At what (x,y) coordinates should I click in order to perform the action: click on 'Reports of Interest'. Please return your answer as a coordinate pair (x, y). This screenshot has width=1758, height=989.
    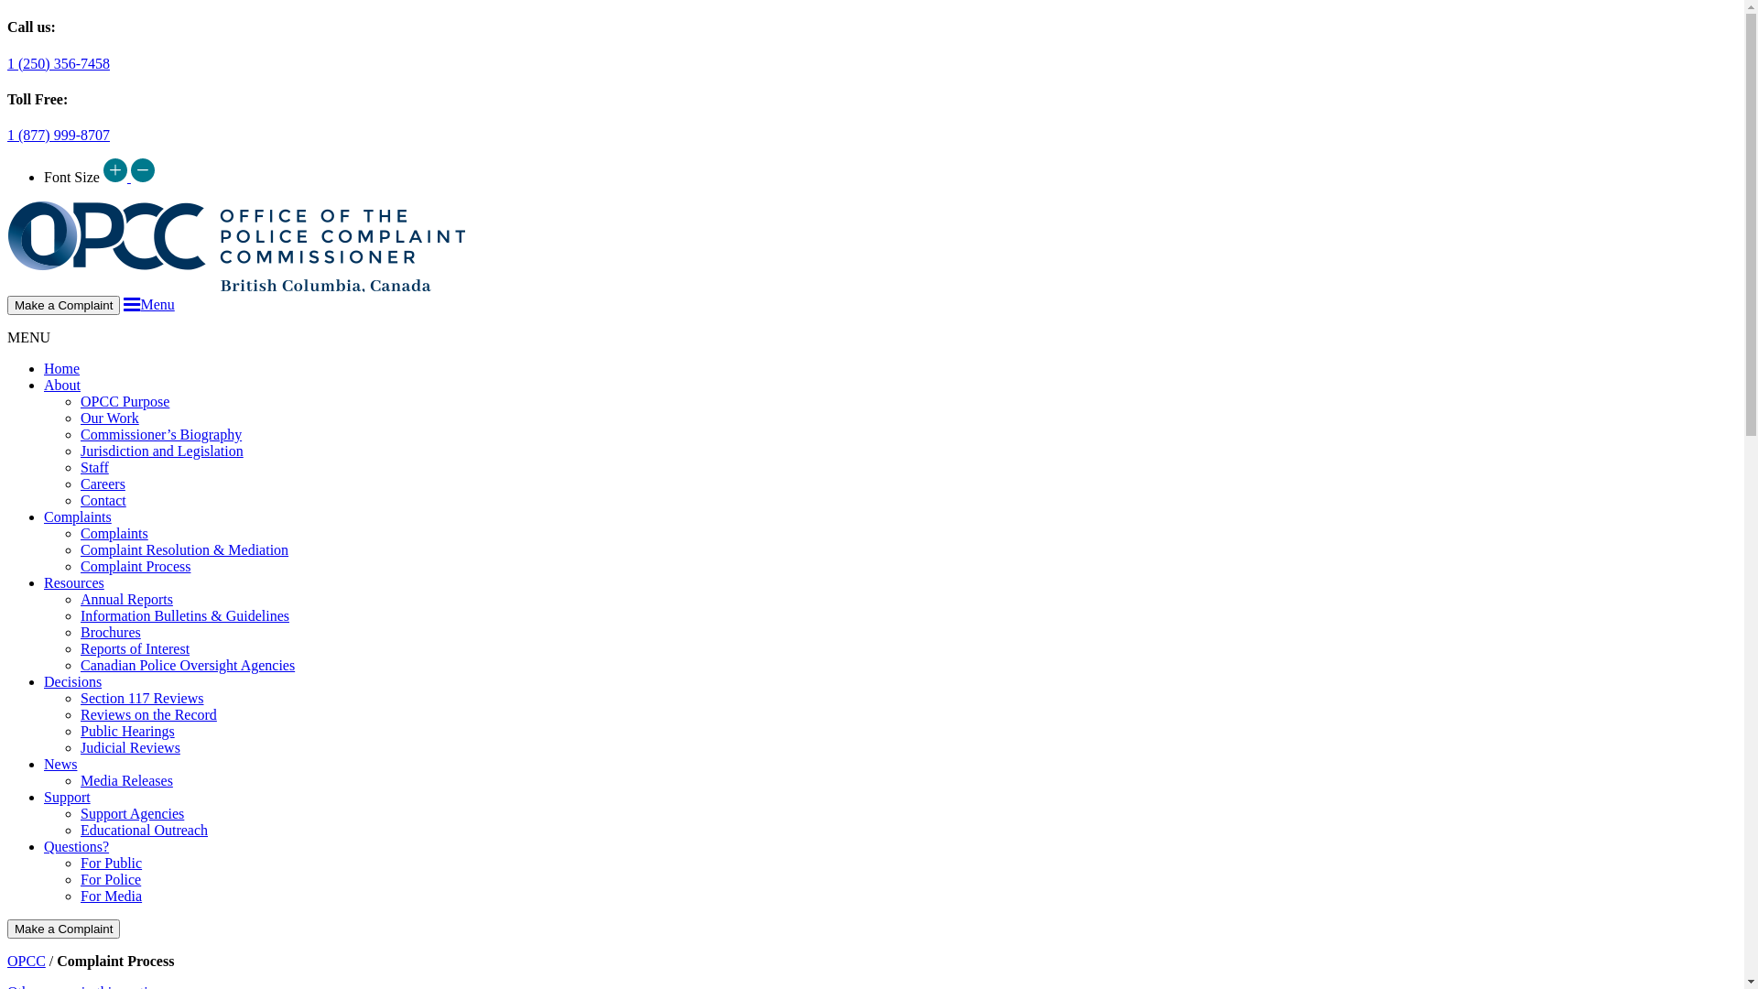
    Looking at the image, I should click on (134, 647).